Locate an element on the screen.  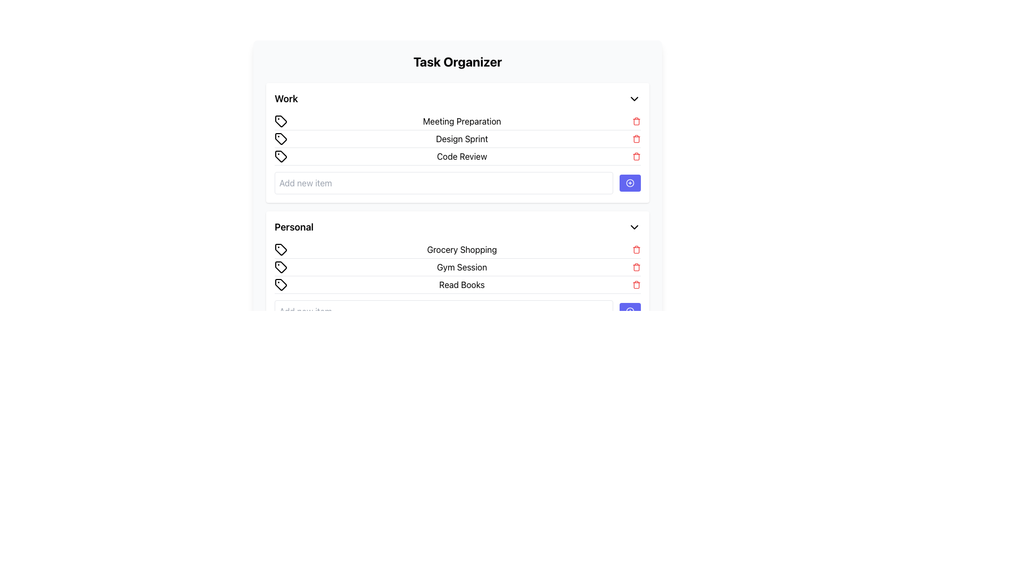
the icon representing the 'Gym Session' task in the 'Personal' section of the 'Task Organizer' interface is located at coordinates (281, 266).